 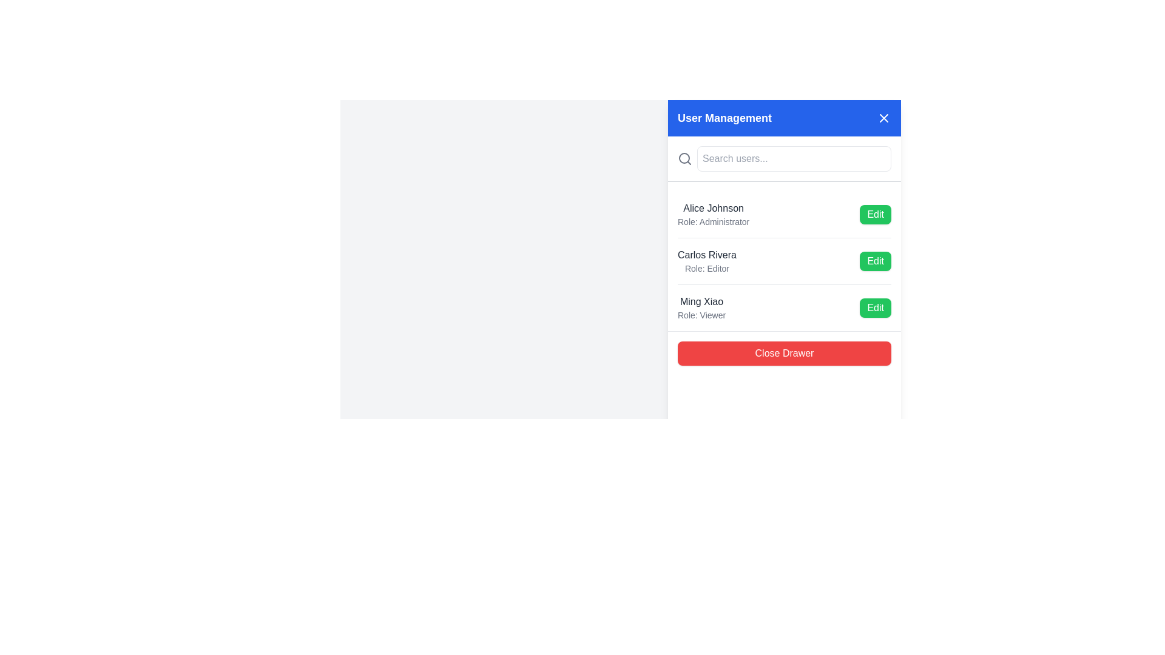 What do you see at coordinates (701, 307) in the screenshot?
I see `the text display component that shows a user's name and role, positioned as the third item in the user list in the right panel of the interface` at bounding box center [701, 307].